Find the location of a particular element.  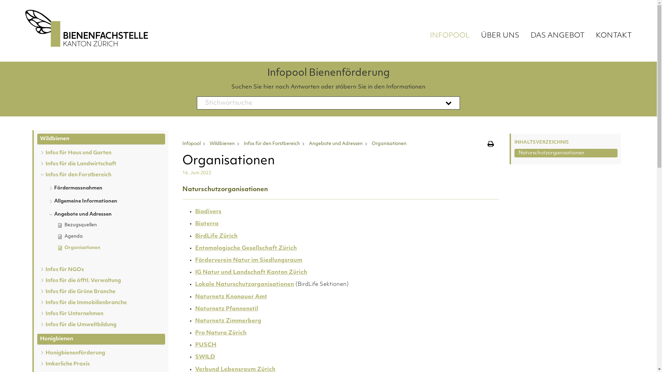

'Bioterra' is located at coordinates (207, 224).